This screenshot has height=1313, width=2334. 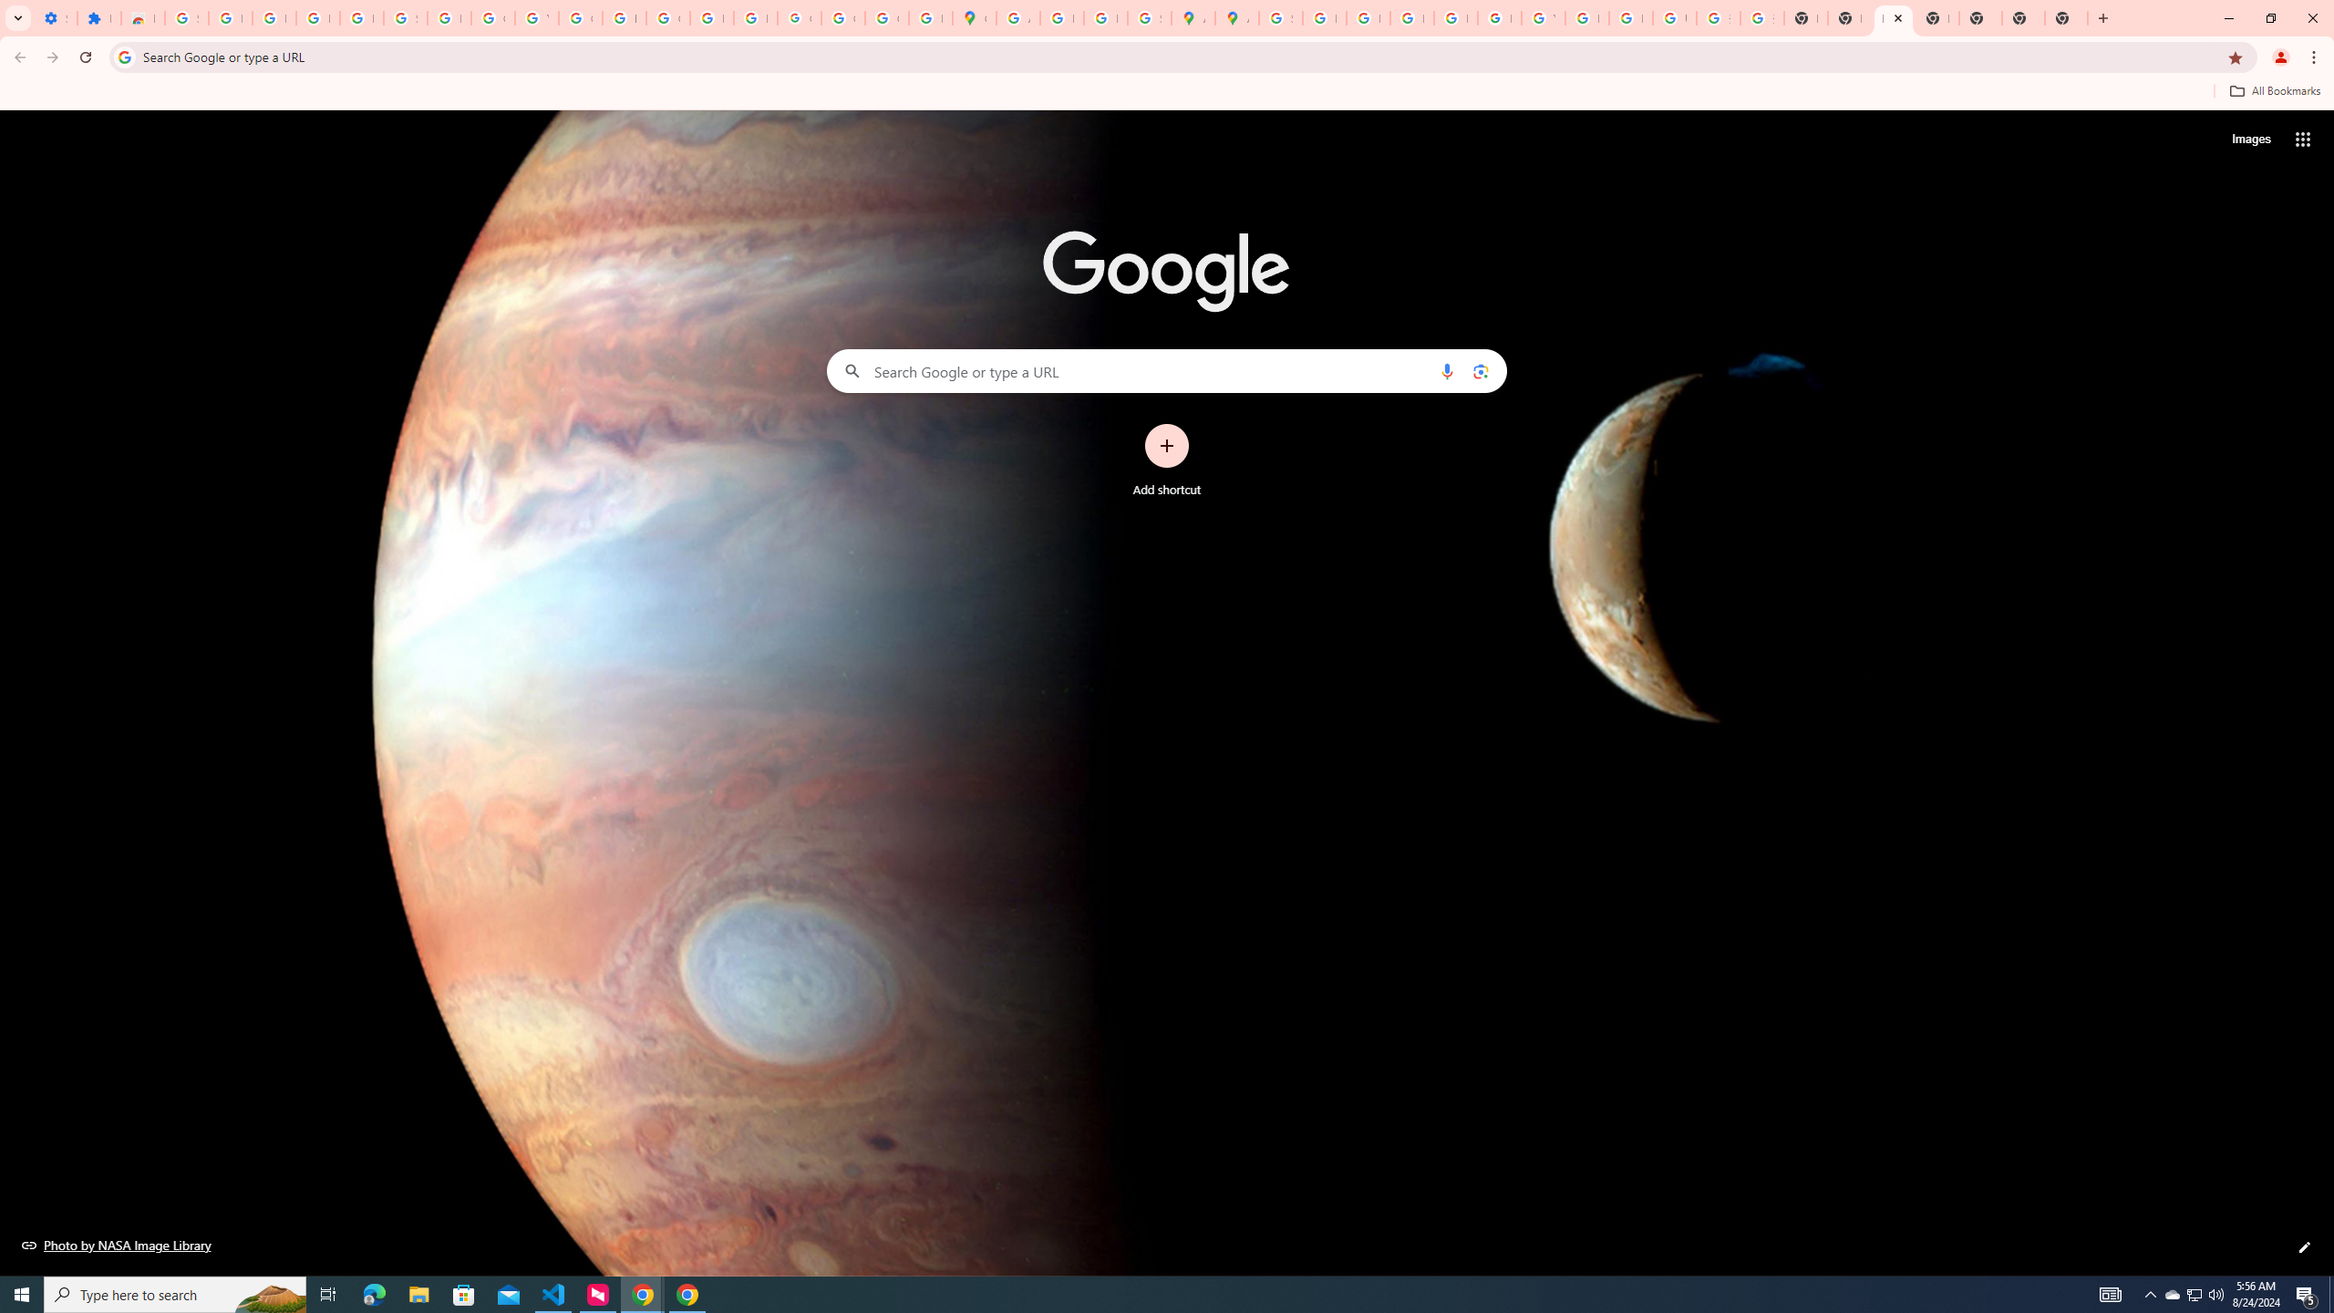 I want to click on 'Privacy Help Center - Policies Help', so click(x=1368, y=17).